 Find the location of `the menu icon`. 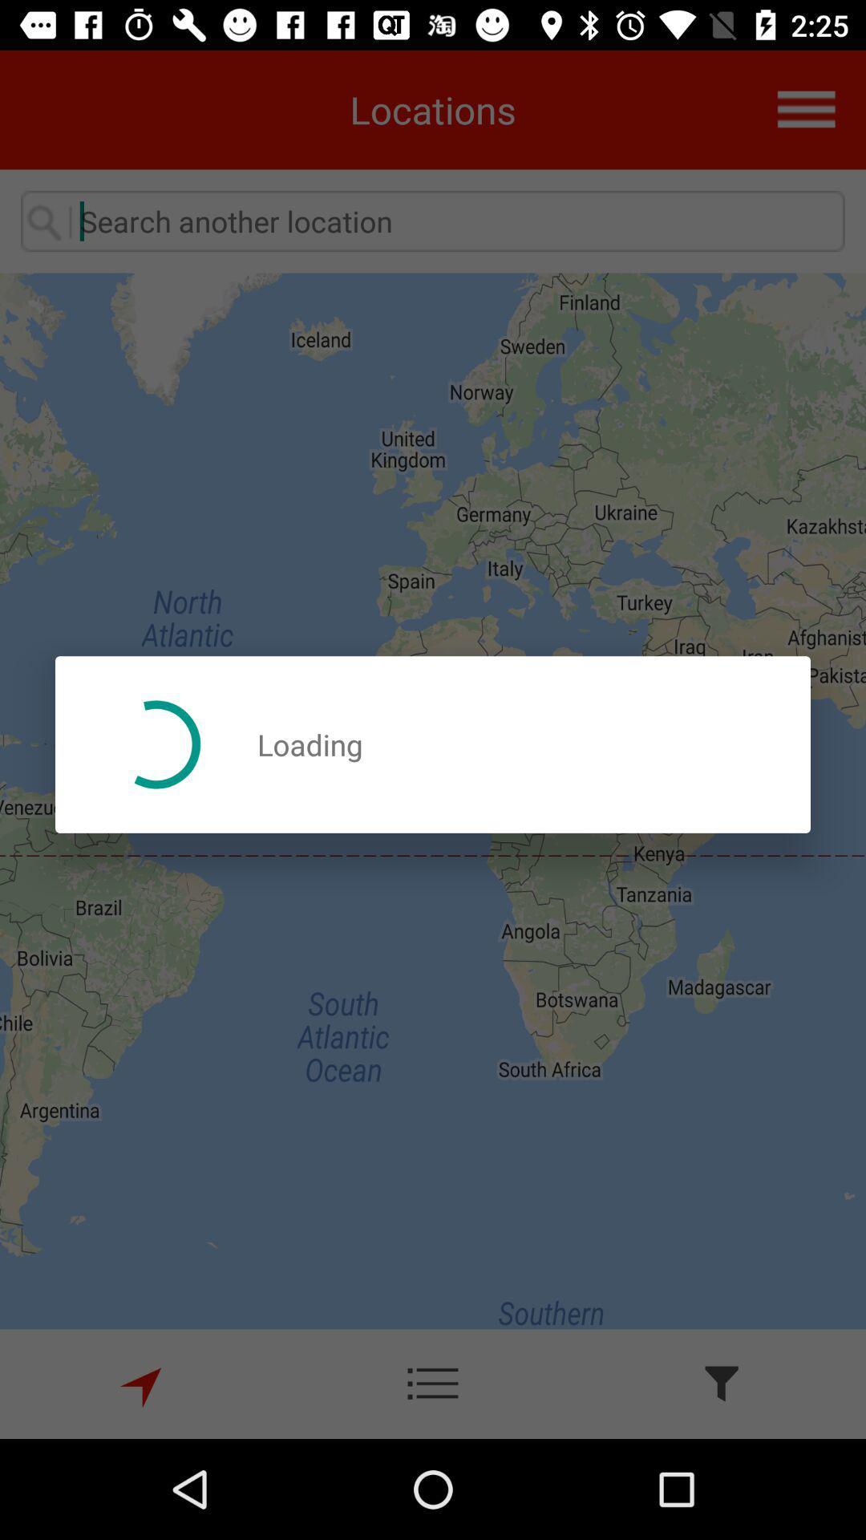

the menu icon is located at coordinates (816, 99).